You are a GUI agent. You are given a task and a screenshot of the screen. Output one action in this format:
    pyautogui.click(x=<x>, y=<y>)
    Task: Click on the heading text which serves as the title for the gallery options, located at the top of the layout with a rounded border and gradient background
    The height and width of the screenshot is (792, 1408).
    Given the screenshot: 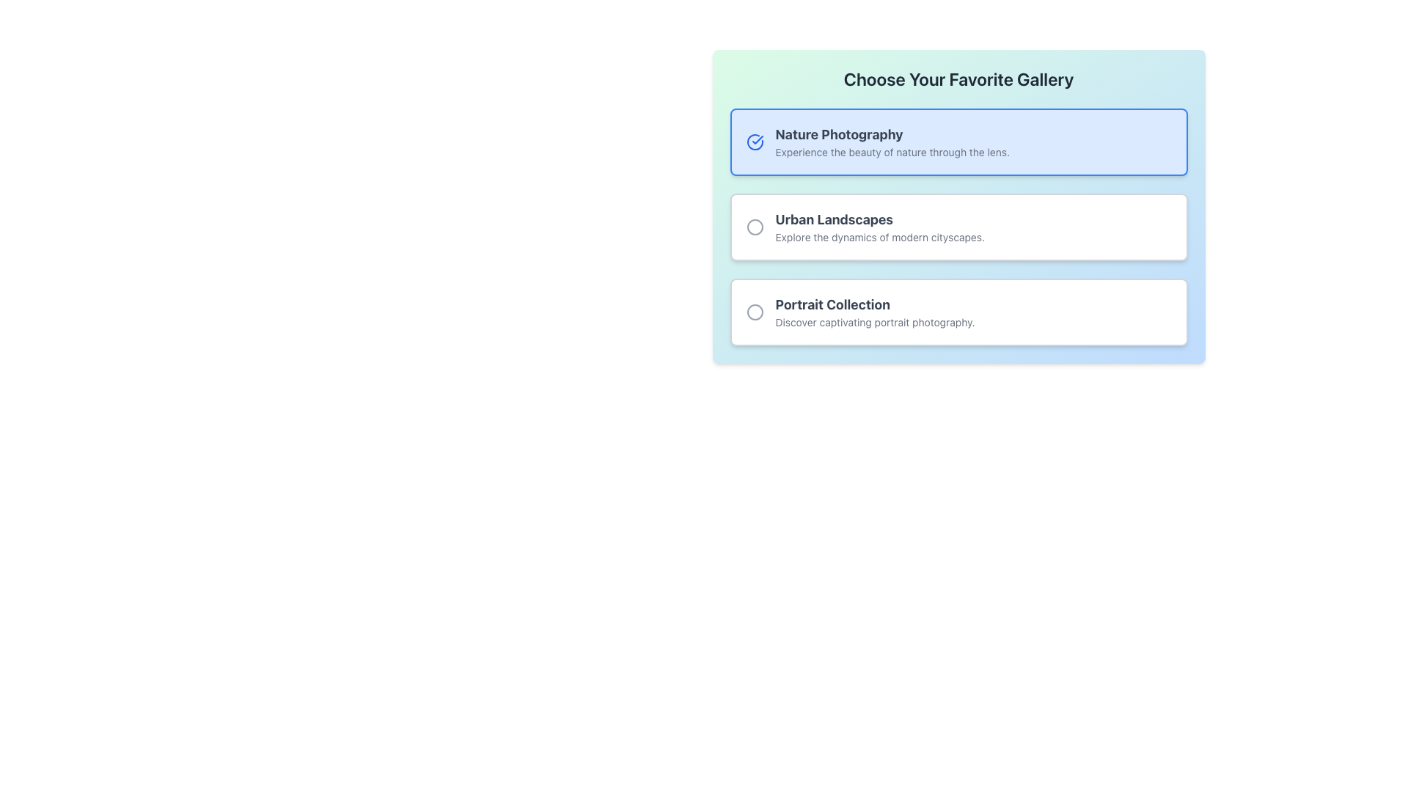 What is the action you would take?
    pyautogui.click(x=958, y=79)
    